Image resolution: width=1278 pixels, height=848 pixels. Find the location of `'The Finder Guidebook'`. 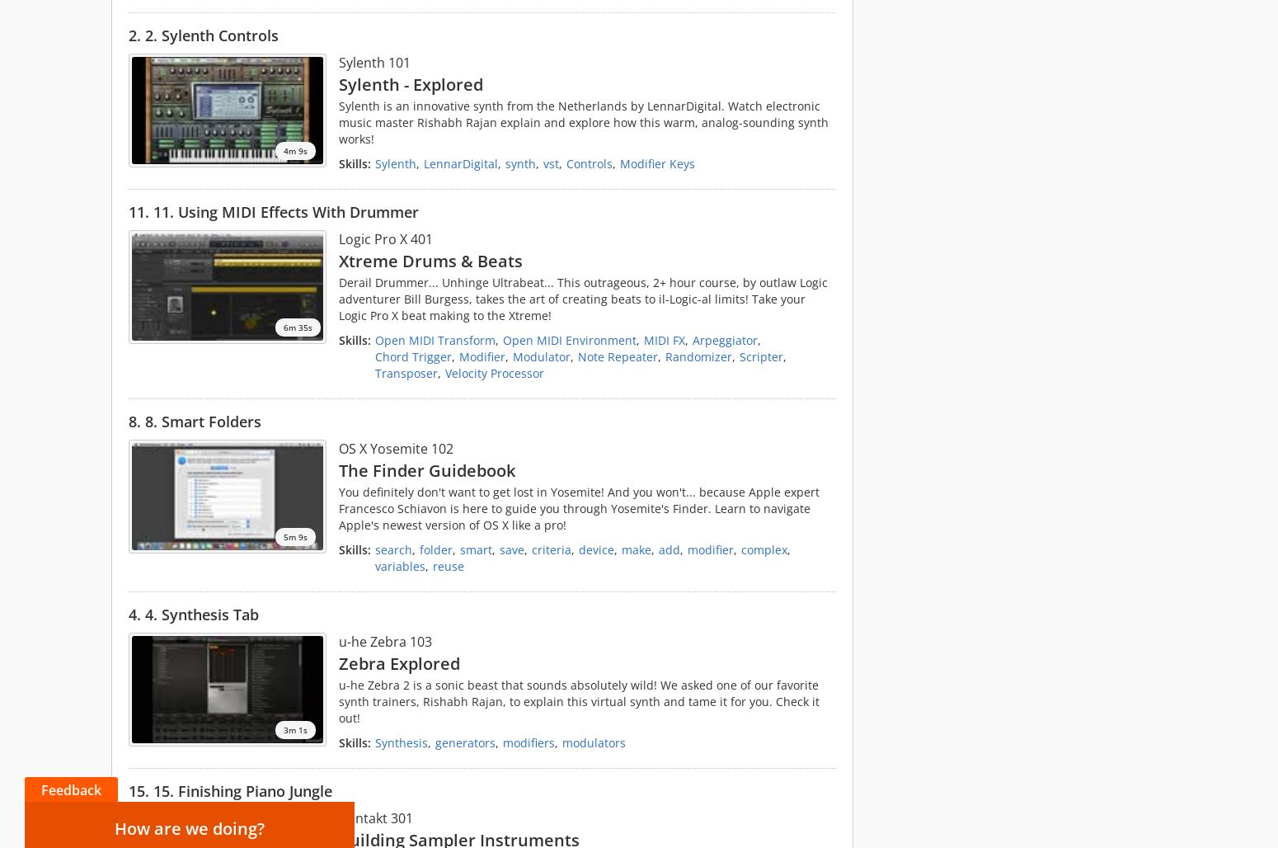

'The Finder Guidebook' is located at coordinates (426, 470).